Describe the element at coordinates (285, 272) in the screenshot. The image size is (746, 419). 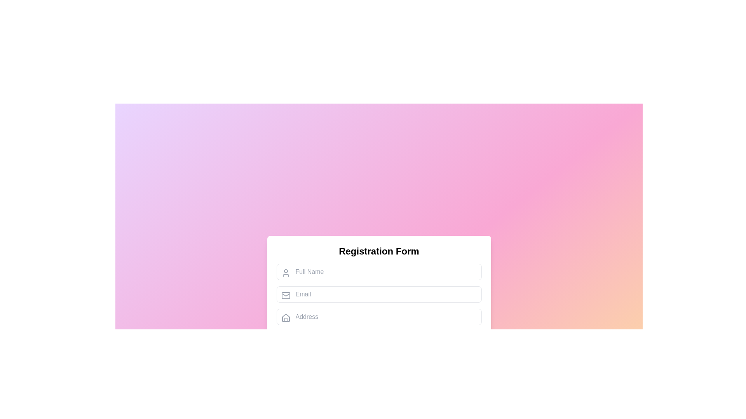
I see `the user icon, which is a gray-toned graphic resembling a generic user profile symbol, located to the left of the 'Full Name' text input field` at that location.